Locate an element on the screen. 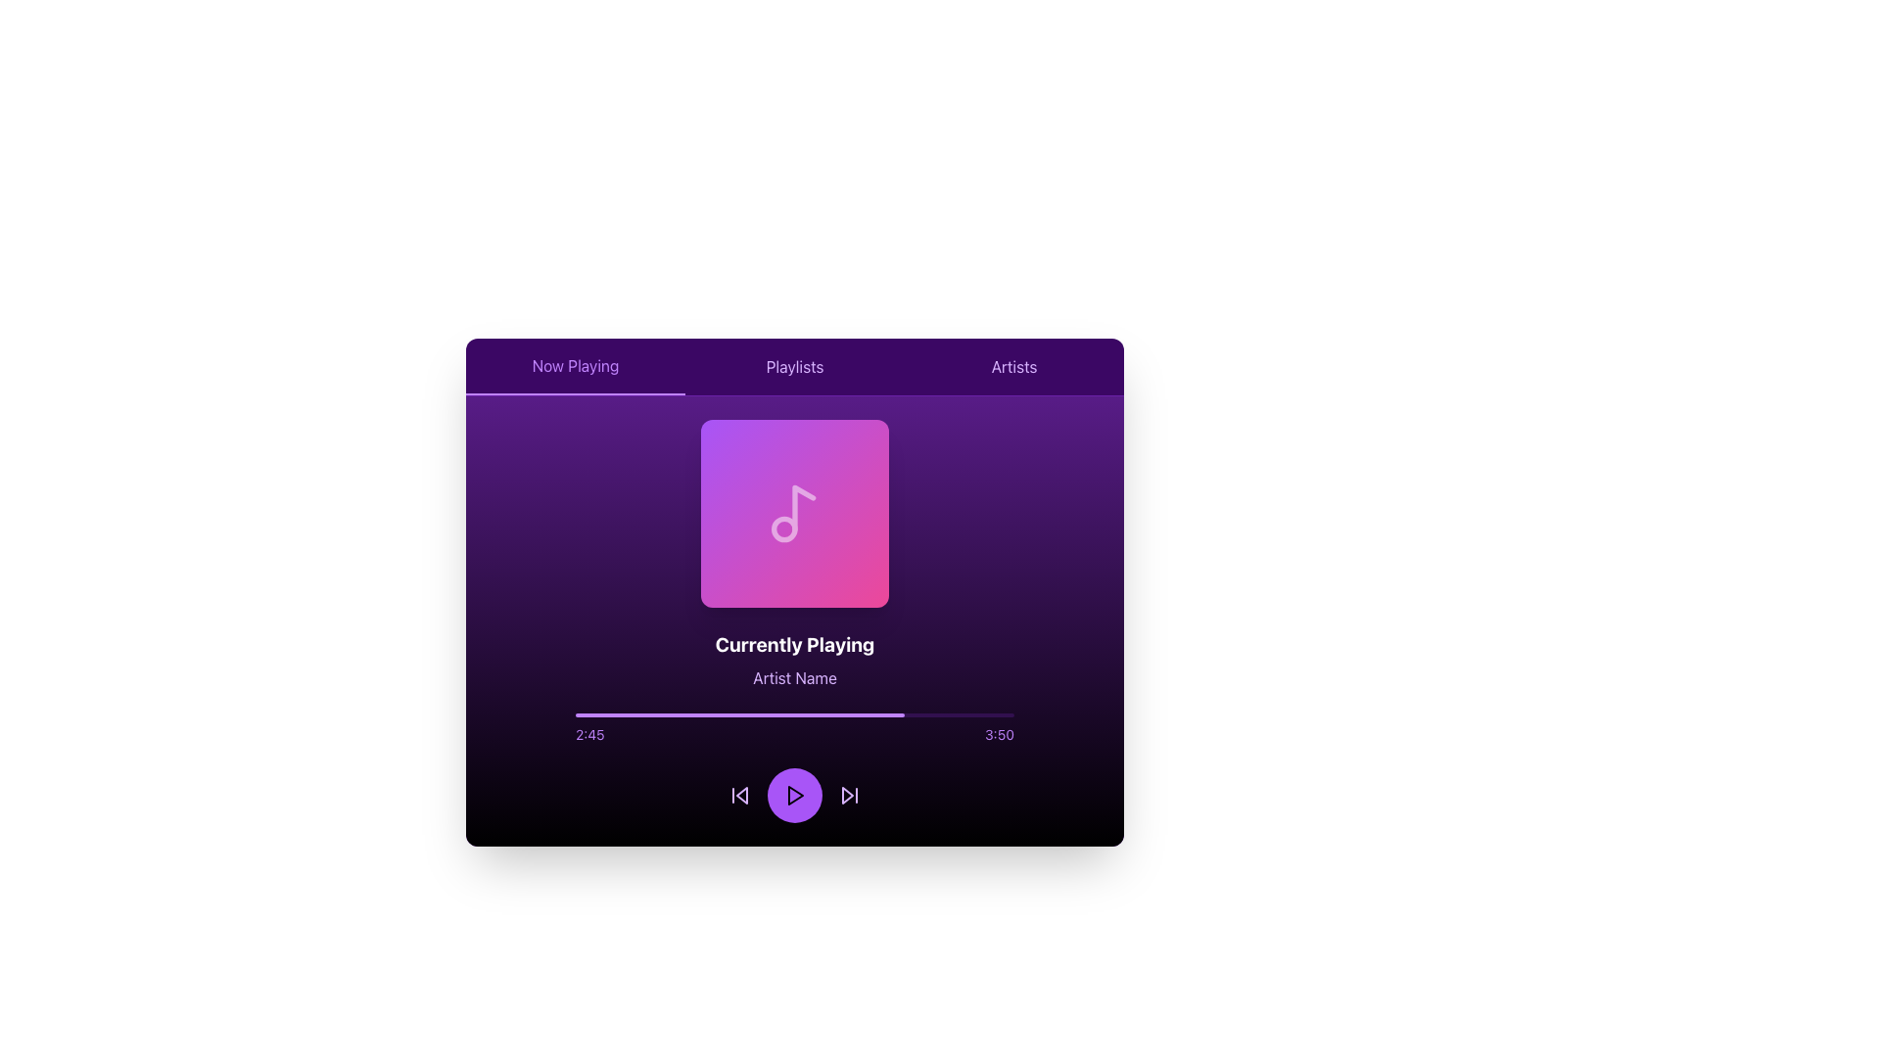 The image size is (1880, 1057). the media playback position is located at coordinates (684, 715).